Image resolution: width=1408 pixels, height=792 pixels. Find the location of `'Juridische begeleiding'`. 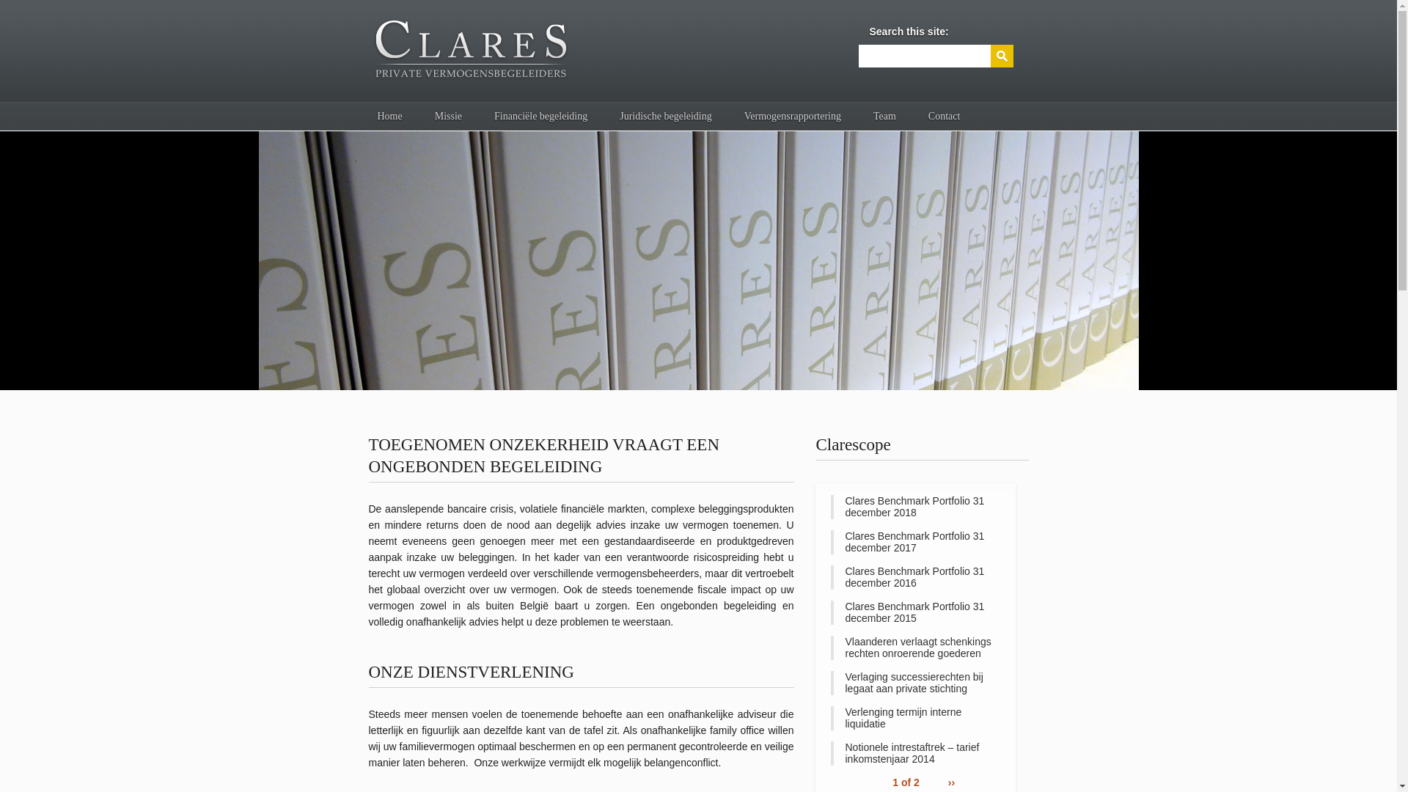

'Juridische begeleiding' is located at coordinates (664, 115).